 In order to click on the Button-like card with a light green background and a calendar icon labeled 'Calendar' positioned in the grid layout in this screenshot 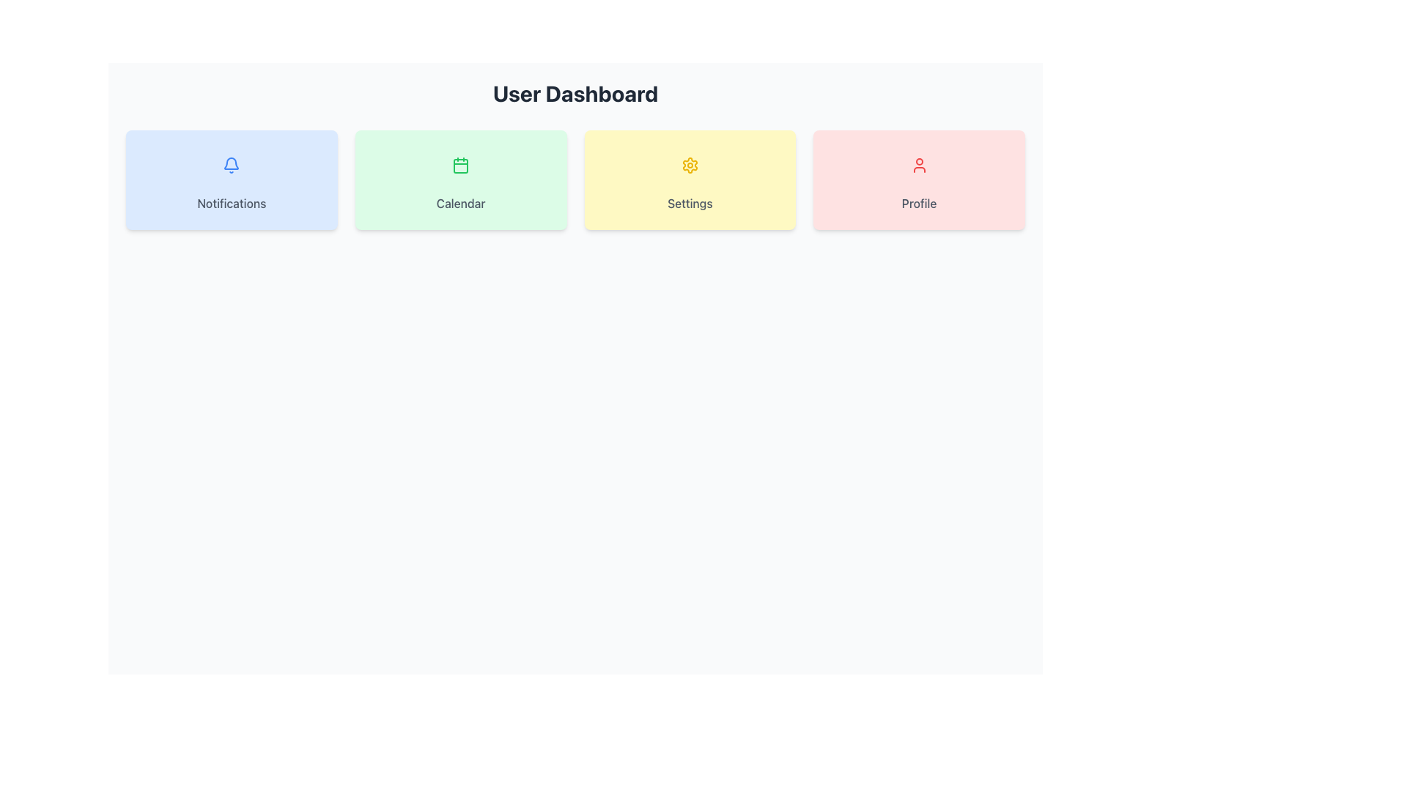, I will do `click(460, 179)`.